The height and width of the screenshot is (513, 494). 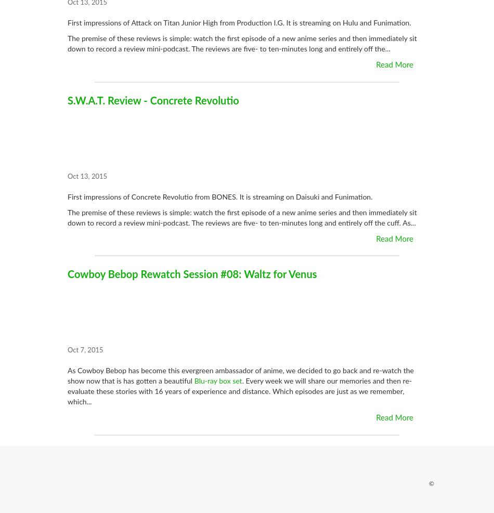 What do you see at coordinates (67, 217) in the screenshot?
I see `'The premise of these reviews is simple: watch the first episode
of a new anime series and then immediately sit down to record a
review mini-podcast. The reviews are five- to ten-minutes long and
entirely off the cuff. As...'` at bounding box center [67, 217].